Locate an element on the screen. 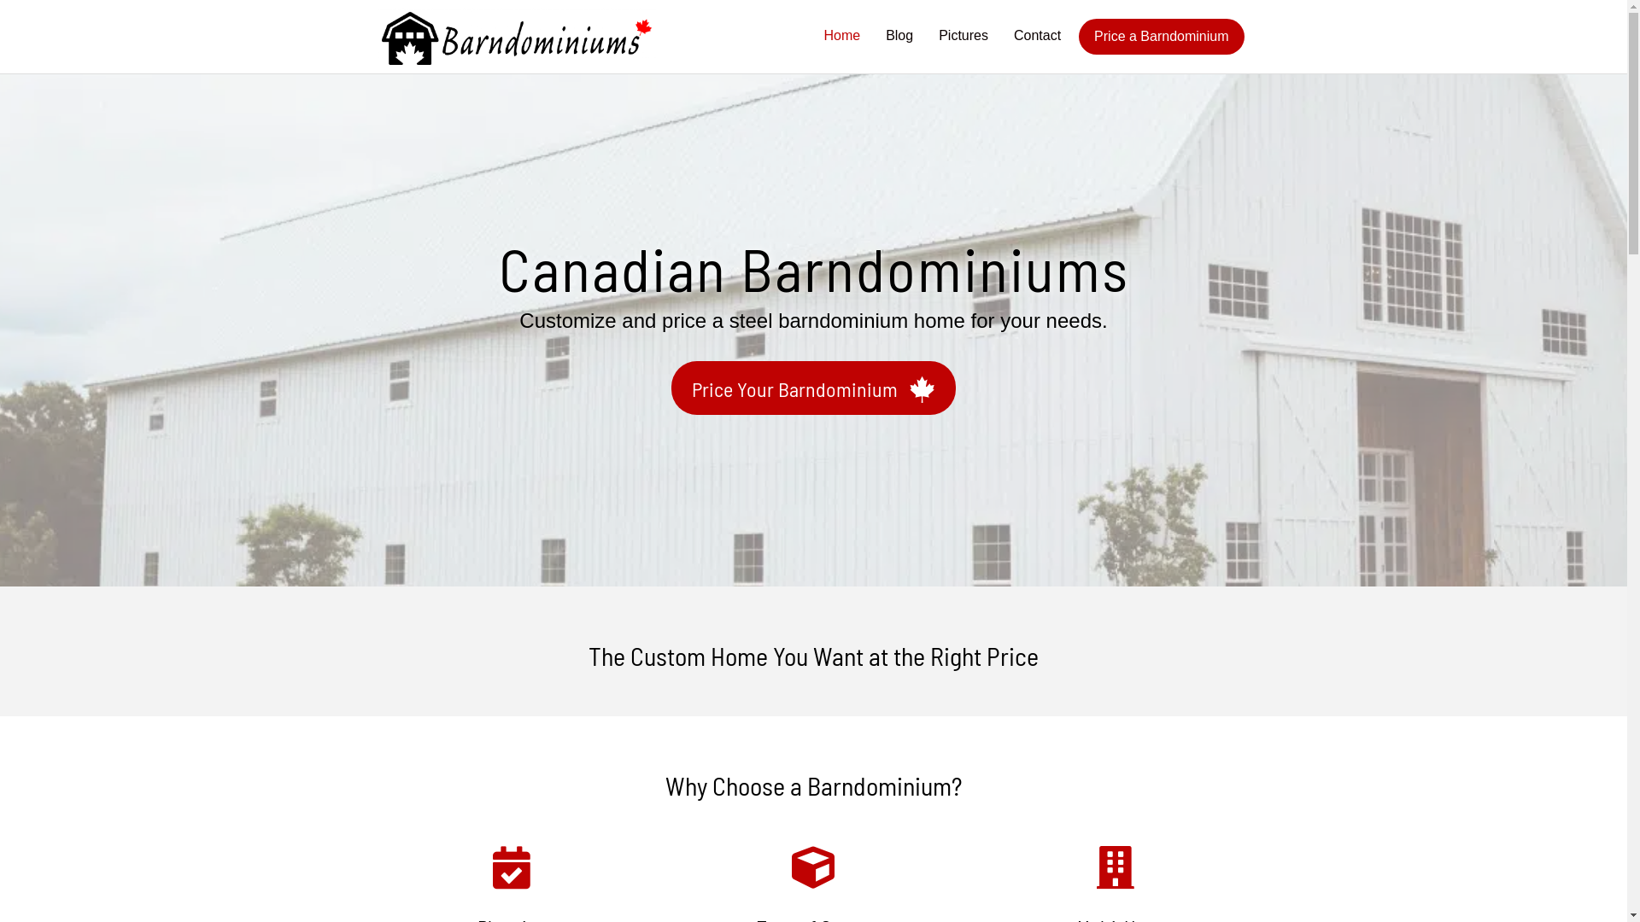  'Blog' is located at coordinates (898, 36).